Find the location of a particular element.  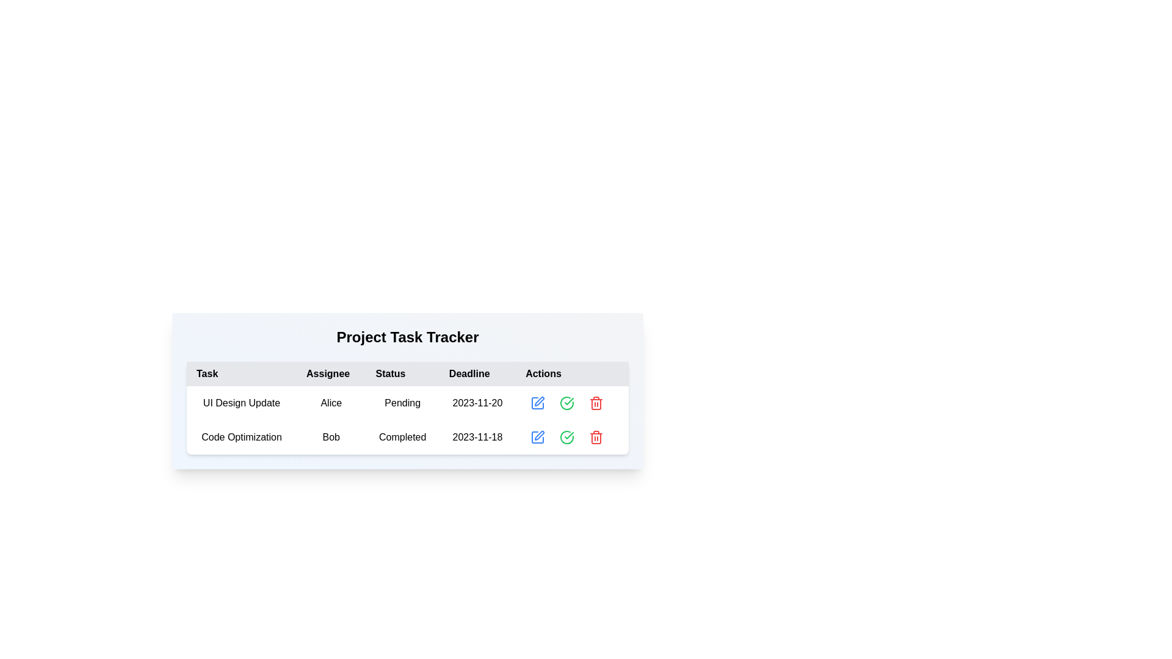

the trash bin icon located in the last column of the second row in the task table is located at coordinates (596, 437).